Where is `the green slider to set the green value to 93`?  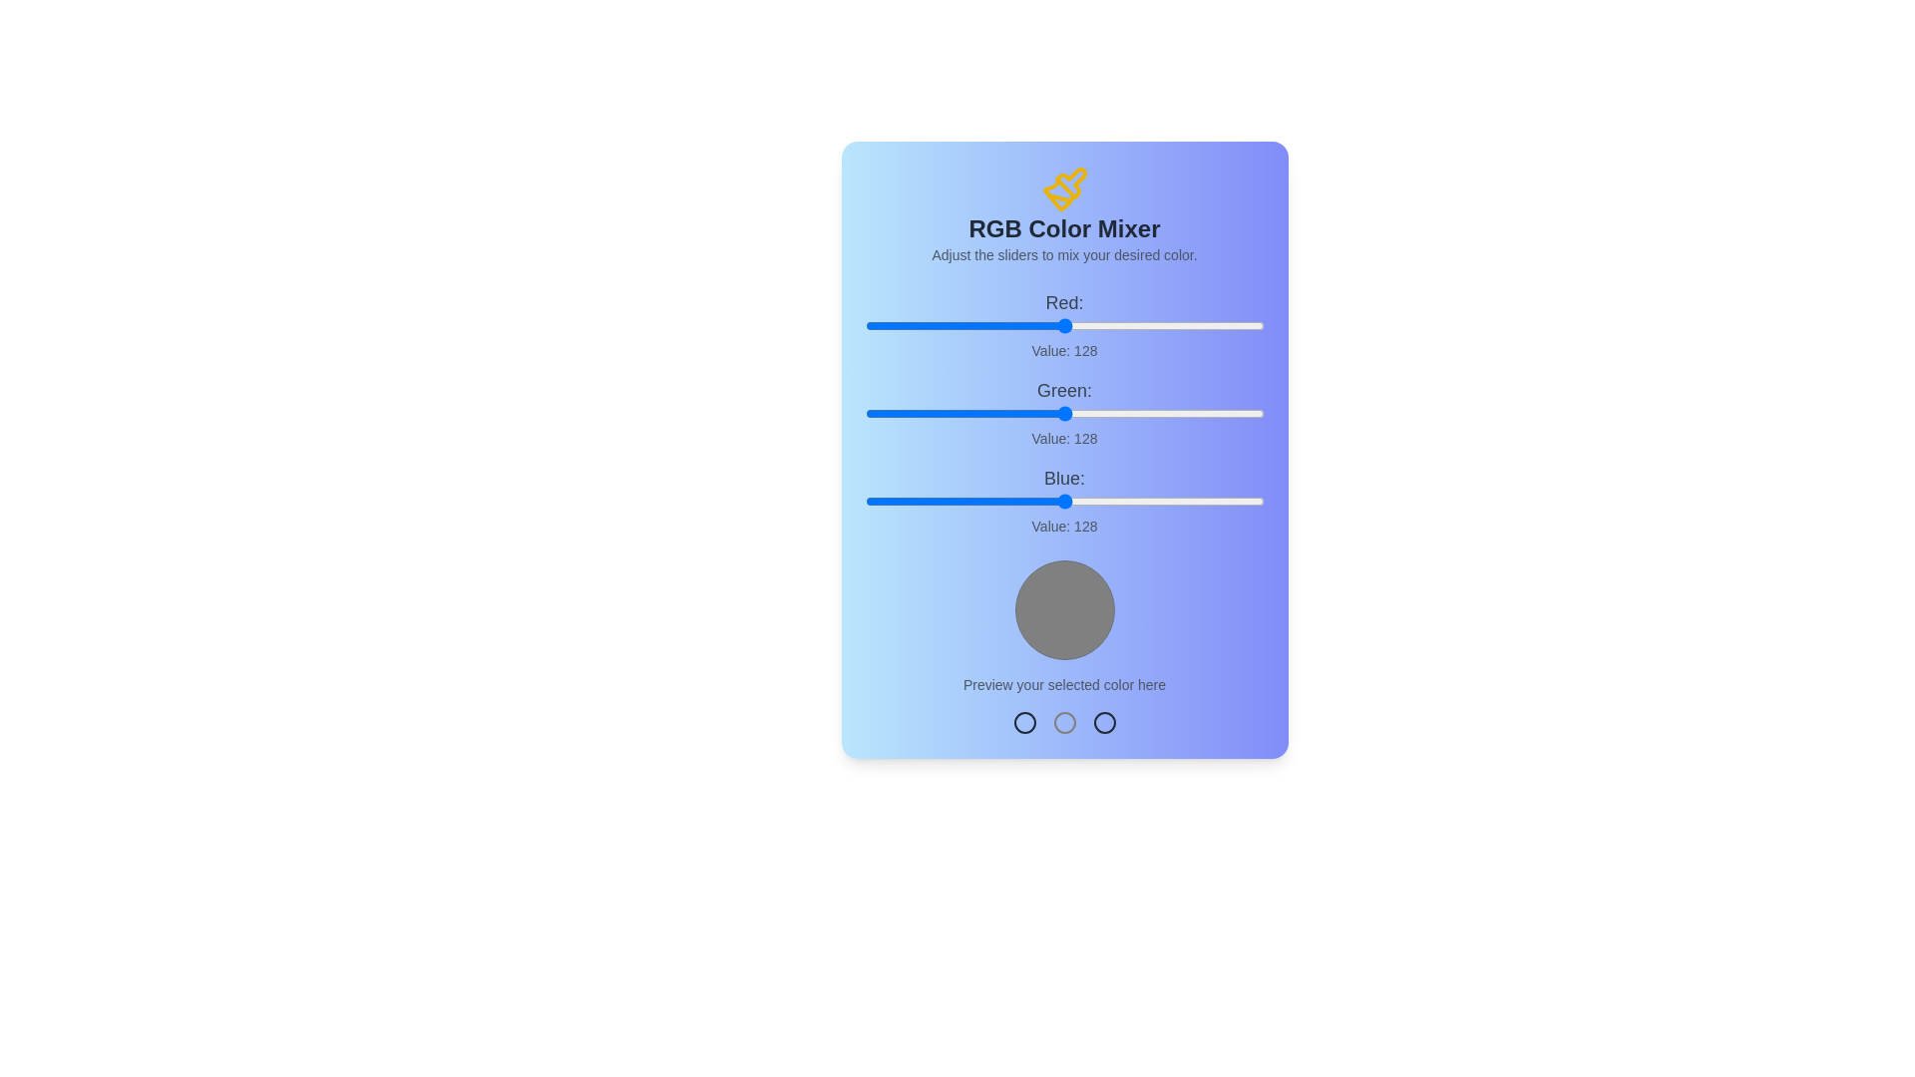 the green slider to set the green value to 93 is located at coordinates (1010, 413).